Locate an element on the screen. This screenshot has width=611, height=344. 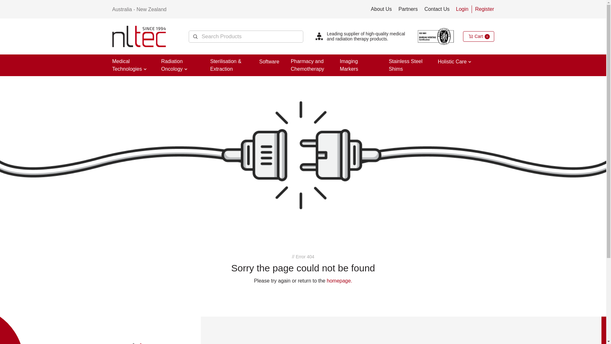
'Login' is located at coordinates (462, 9).